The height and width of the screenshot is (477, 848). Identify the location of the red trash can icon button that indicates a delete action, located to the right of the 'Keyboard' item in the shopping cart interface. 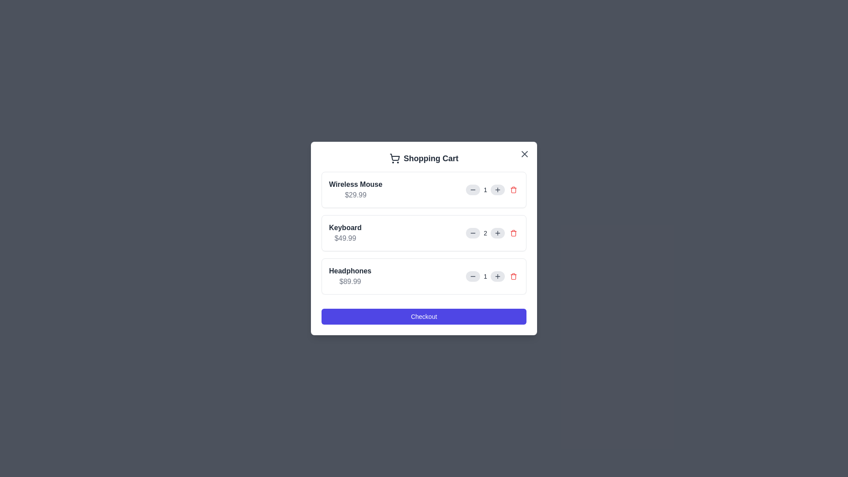
(513, 233).